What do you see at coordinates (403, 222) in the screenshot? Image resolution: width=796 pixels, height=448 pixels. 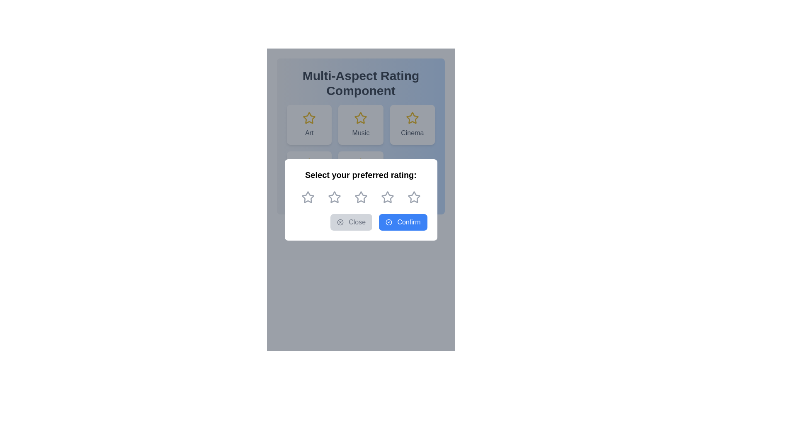 I see `the rightmost button in the horizontal arrangement at the bottom of the modal to confirm the action` at bounding box center [403, 222].